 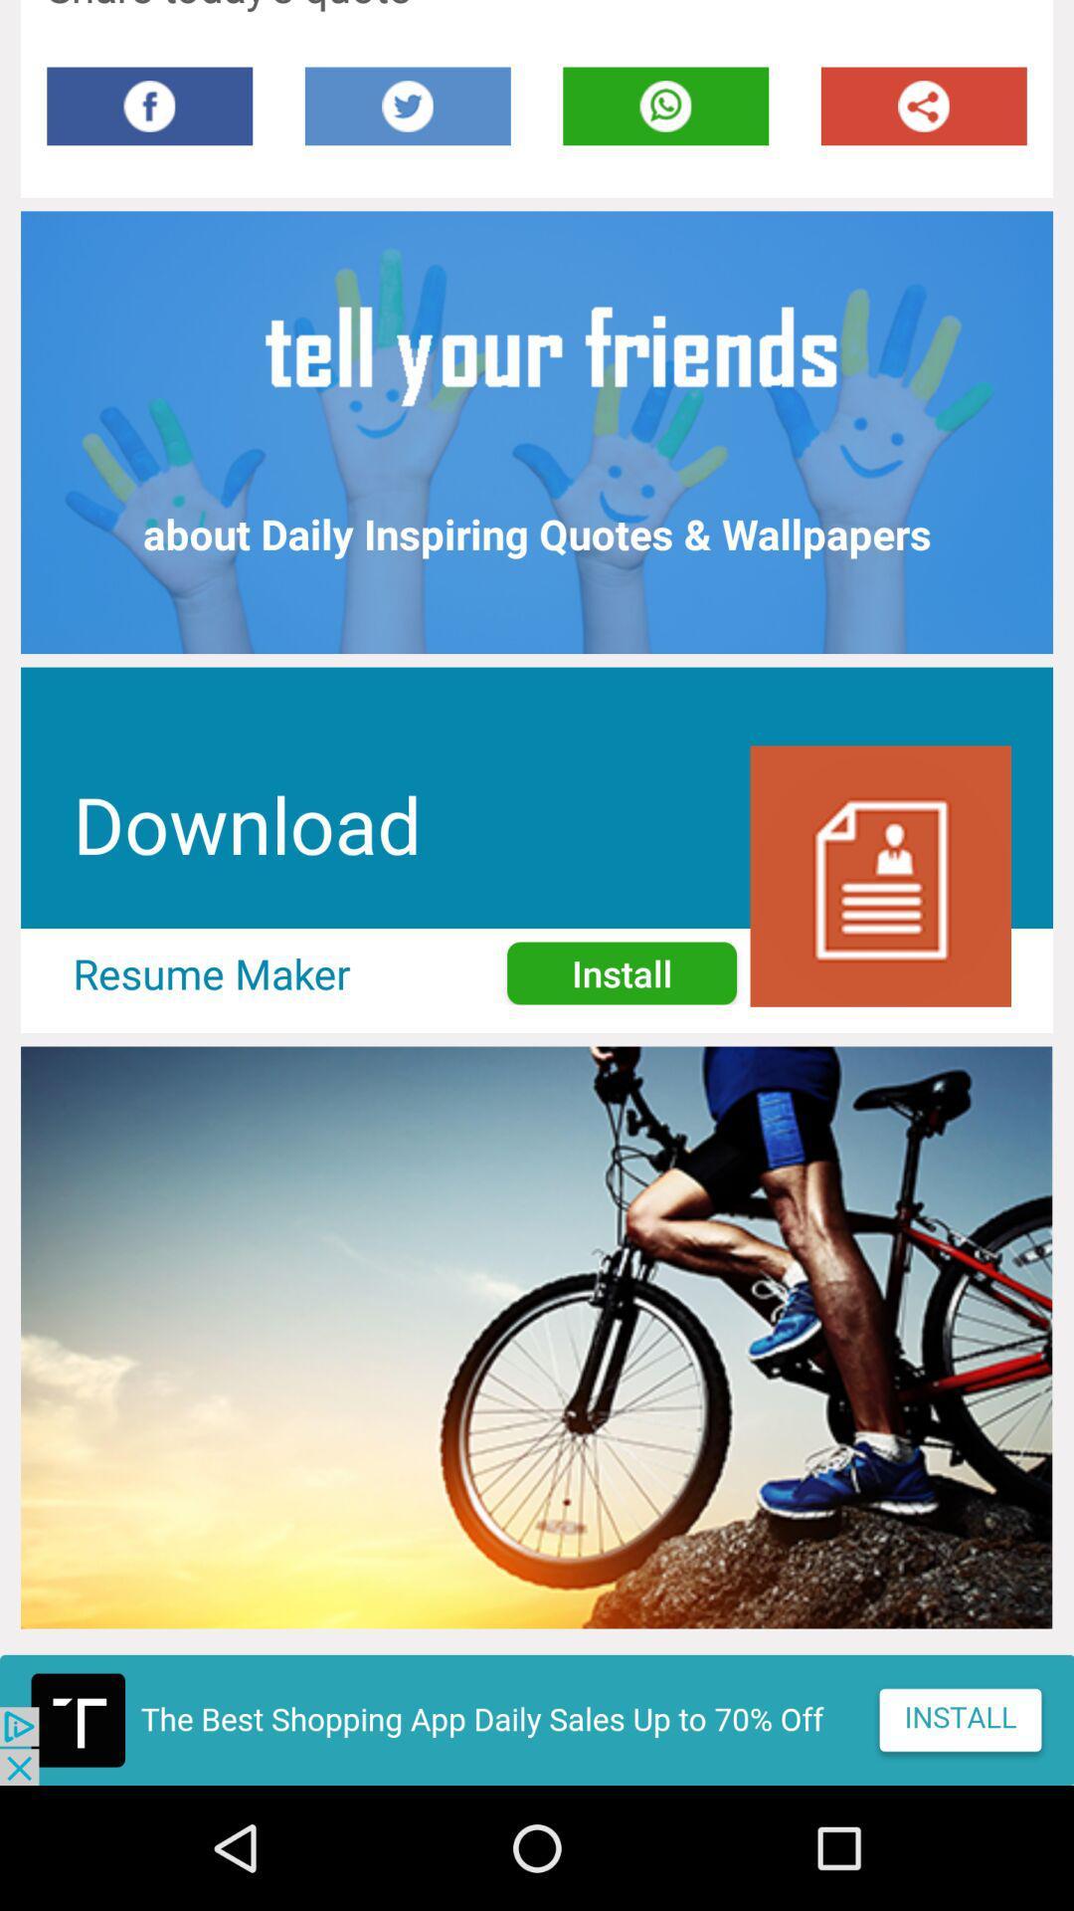 What do you see at coordinates (924, 105) in the screenshot?
I see `share the article` at bounding box center [924, 105].